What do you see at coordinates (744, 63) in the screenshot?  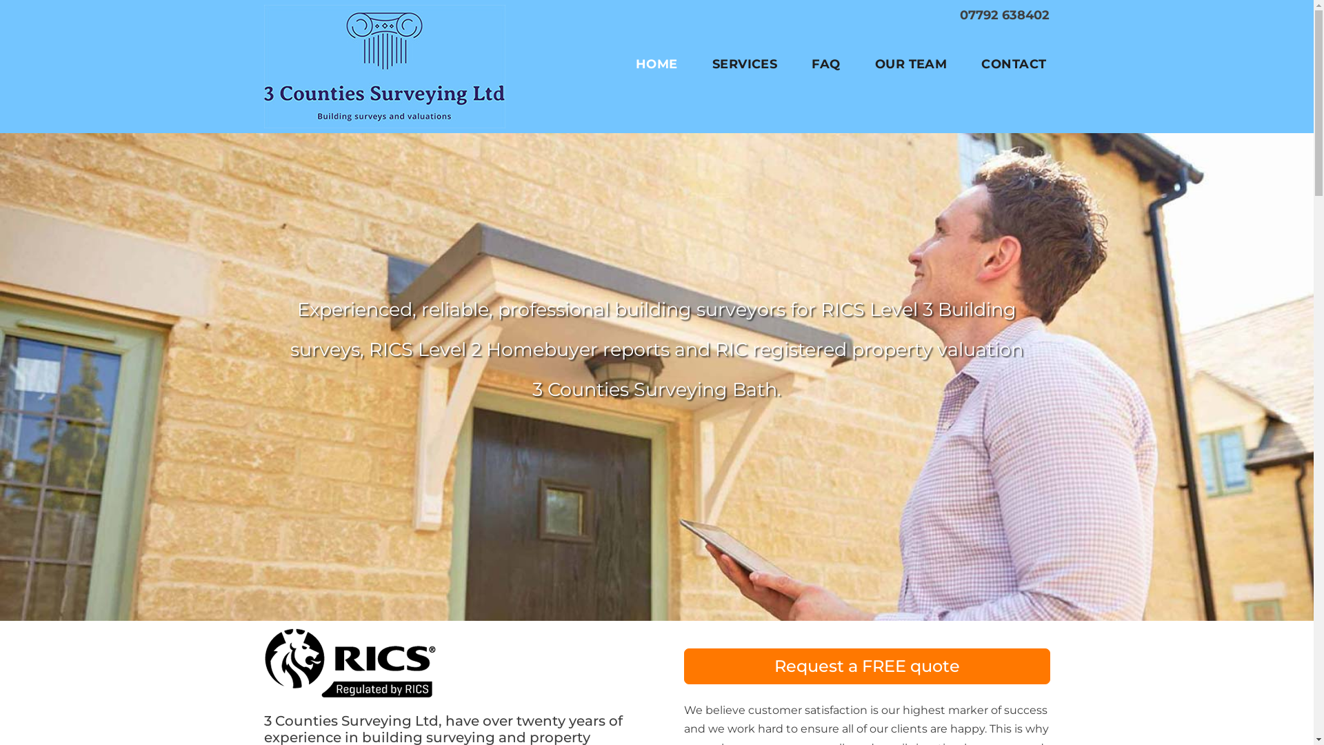 I see `'SERVICES'` at bounding box center [744, 63].